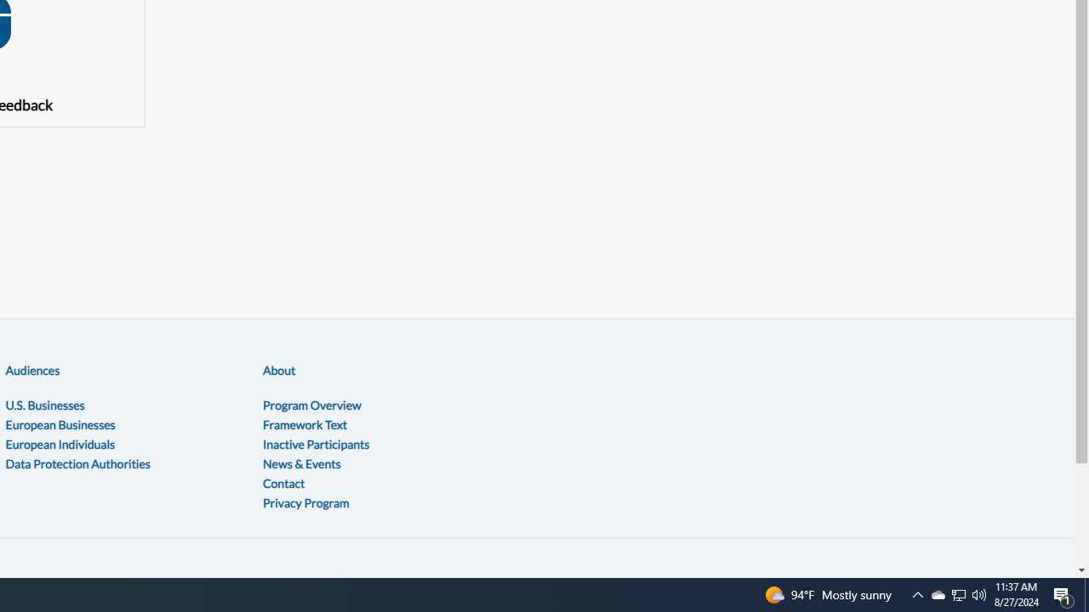  I want to click on 'Privacy Program', so click(305, 501).